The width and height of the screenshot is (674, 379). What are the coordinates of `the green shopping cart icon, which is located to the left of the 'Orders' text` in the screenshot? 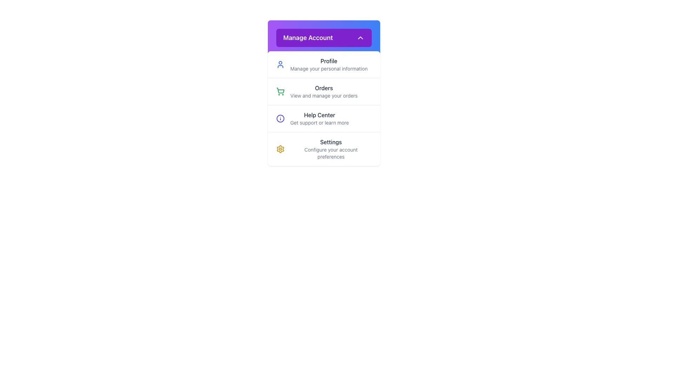 It's located at (280, 91).